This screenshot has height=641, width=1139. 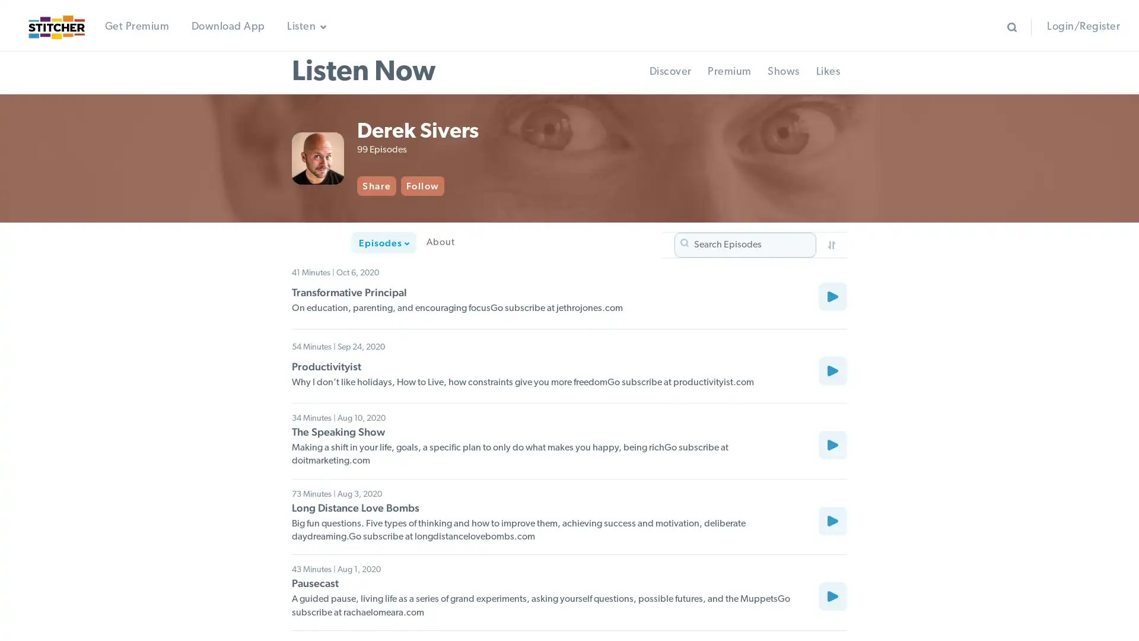 What do you see at coordinates (428, 187) in the screenshot?
I see `Share` at bounding box center [428, 187].